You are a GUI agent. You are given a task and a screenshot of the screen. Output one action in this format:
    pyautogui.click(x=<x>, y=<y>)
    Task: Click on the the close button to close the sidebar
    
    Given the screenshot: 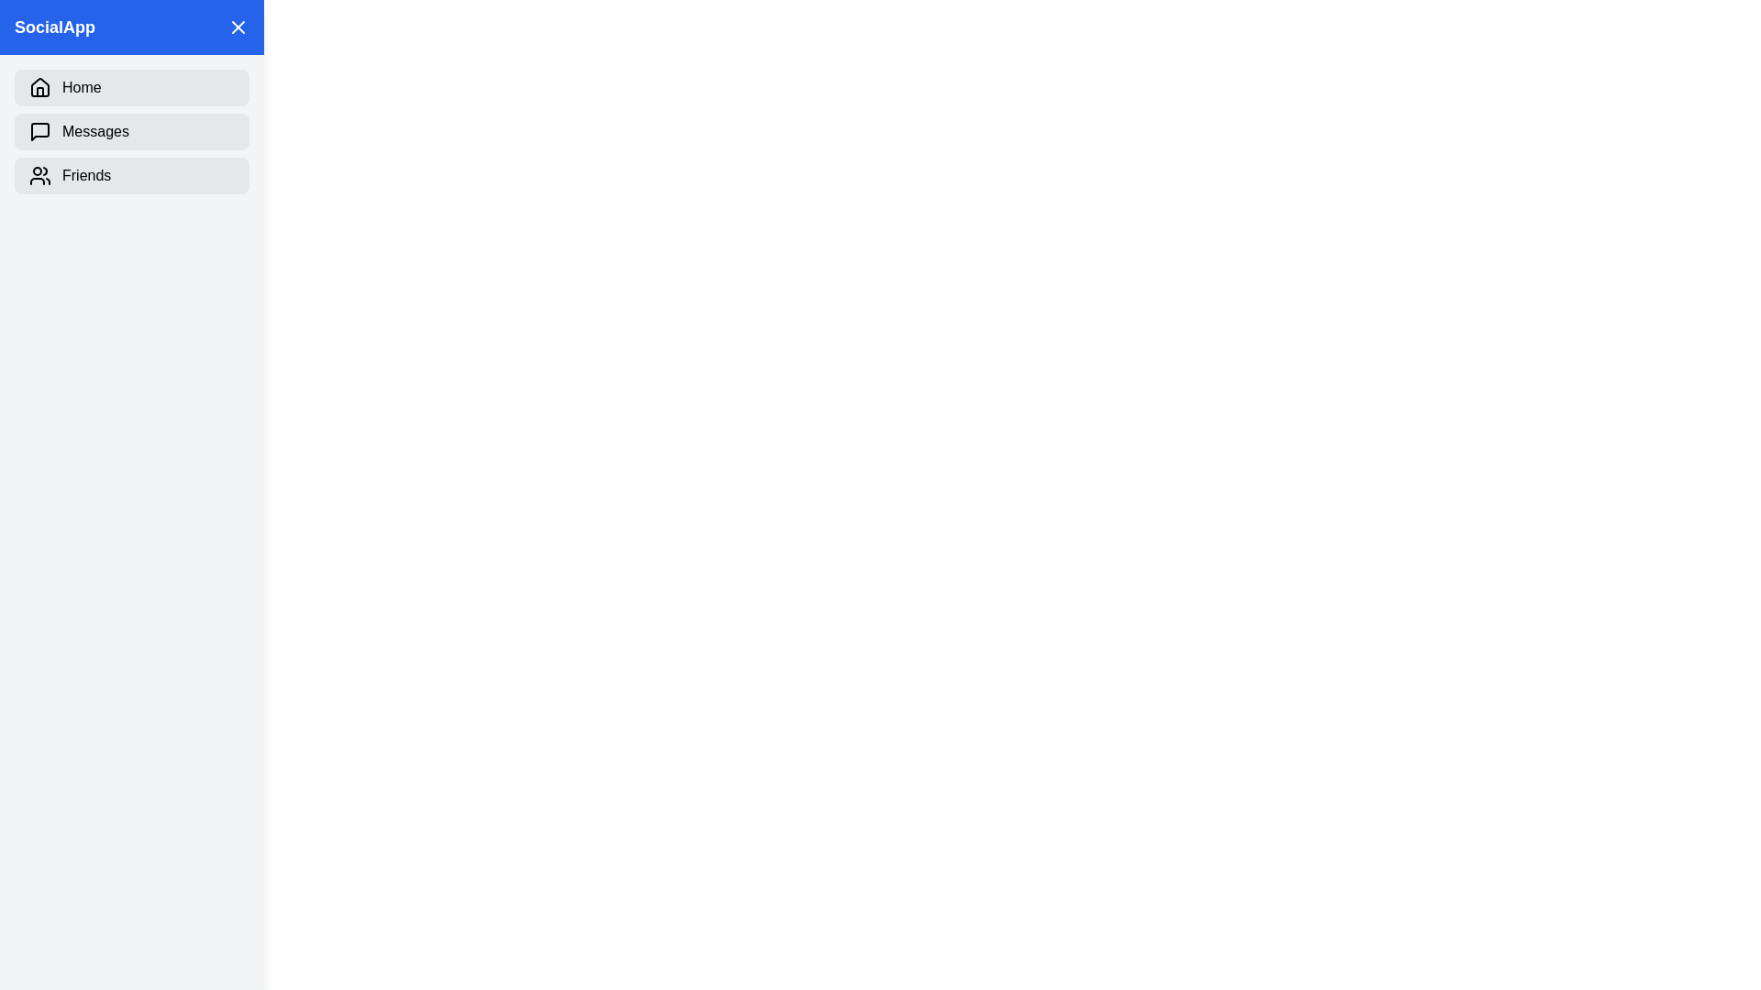 What is the action you would take?
    pyautogui.click(x=237, y=27)
    